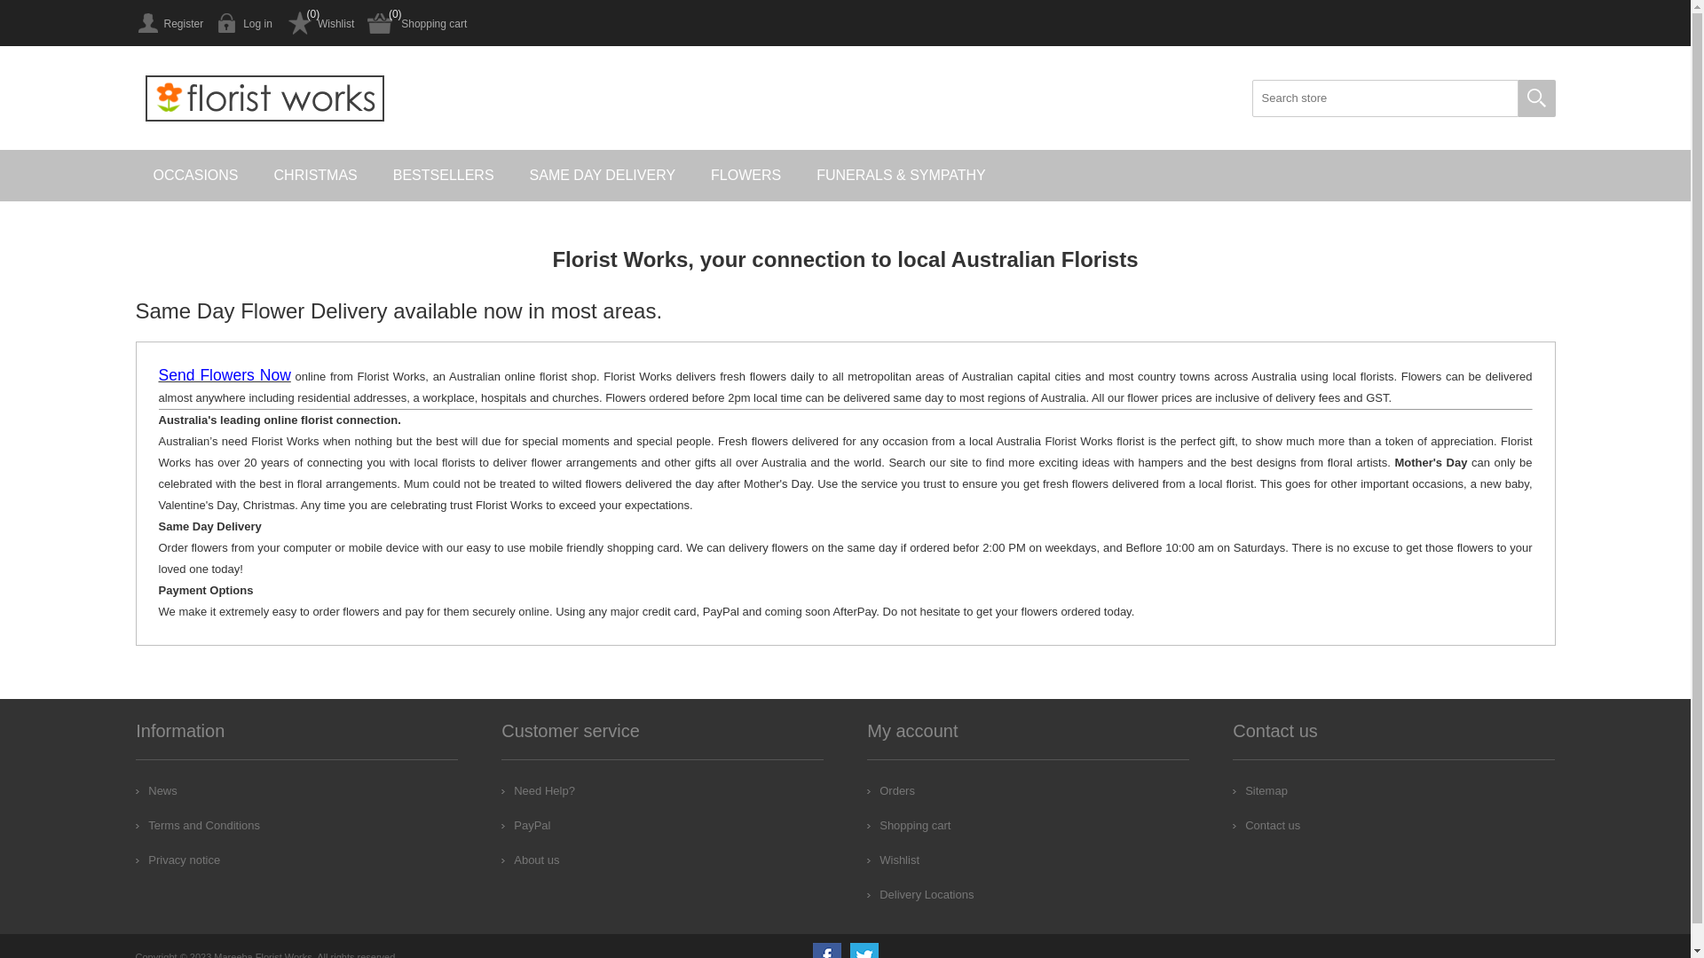 The height and width of the screenshot is (958, 1704). Describe the element at coordinates (893, 859) in the screenshot. I see `'Wishlist'` at that location.